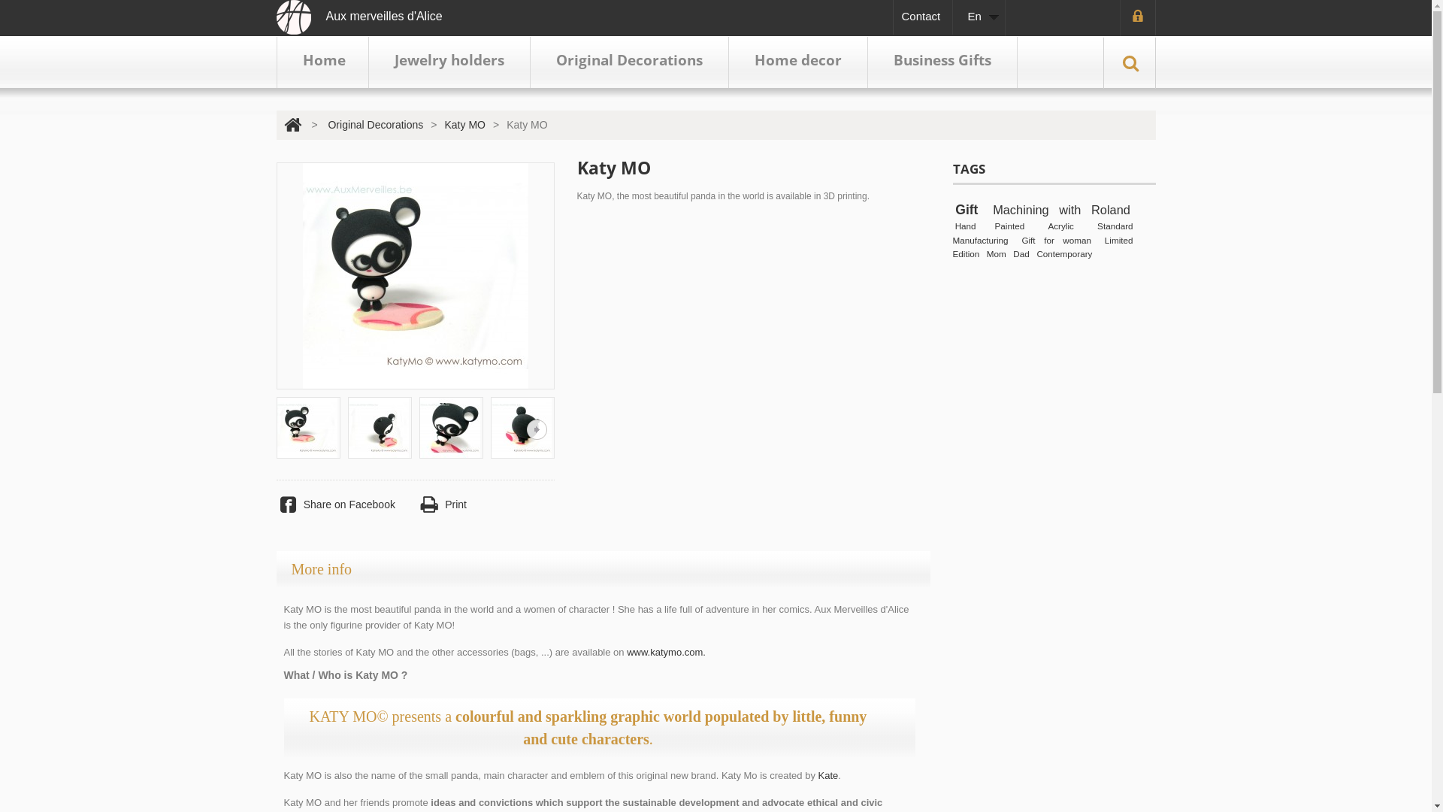  I want to click on 'Original Decorations', so click(629, 62).